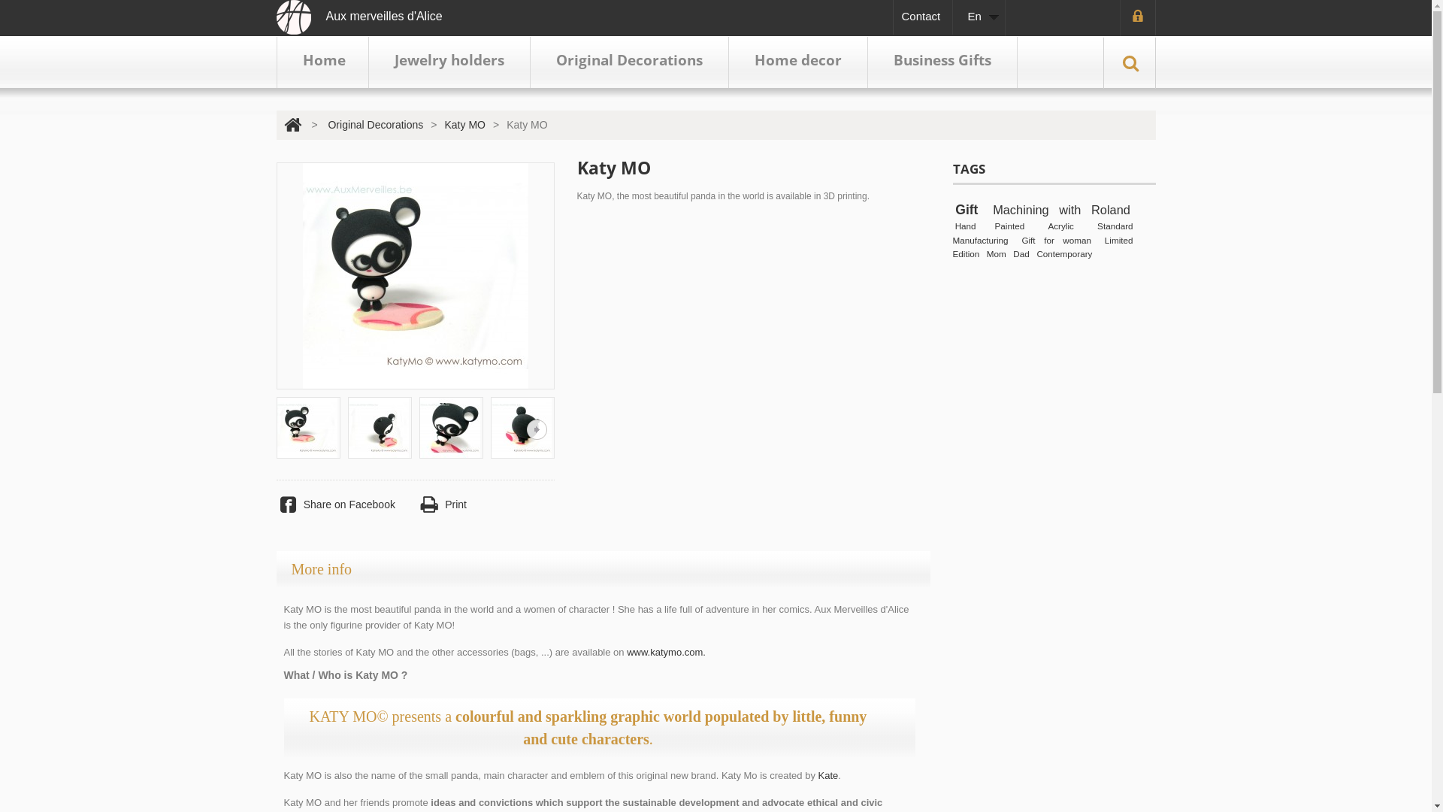  I want to click on 'Original Decorations', so click(629, 62).